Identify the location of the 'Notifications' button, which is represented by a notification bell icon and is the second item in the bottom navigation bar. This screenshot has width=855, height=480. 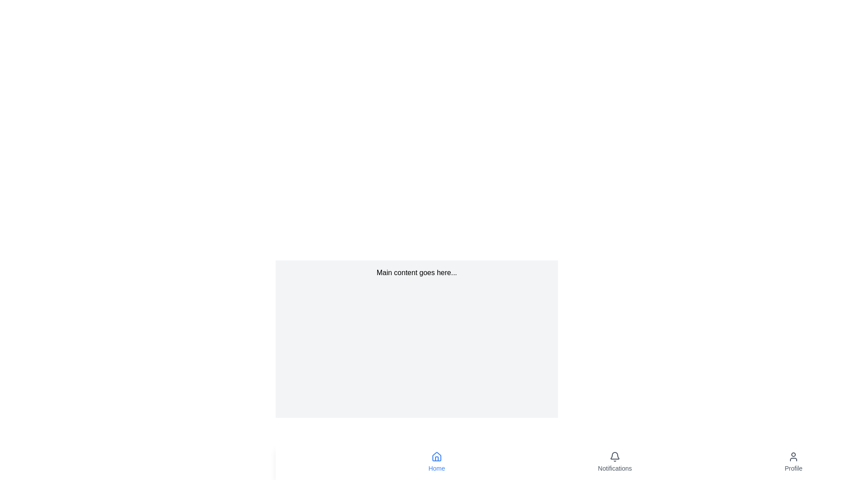
(614, 462).